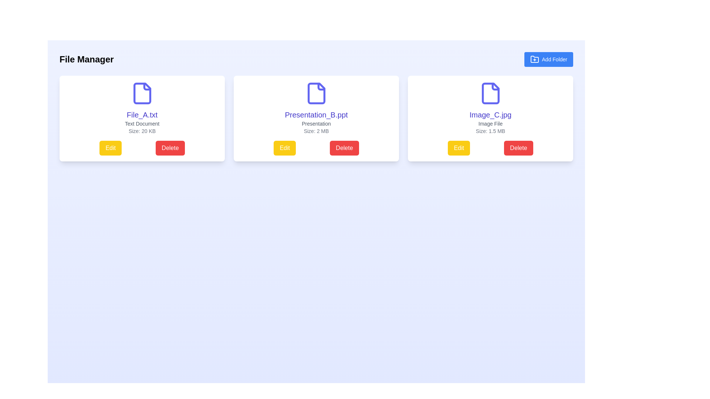  I want to click on the text label displaying the file name 'Image_C.jpg' located in the third card of the horizontally aligned list, so click(490, 115).